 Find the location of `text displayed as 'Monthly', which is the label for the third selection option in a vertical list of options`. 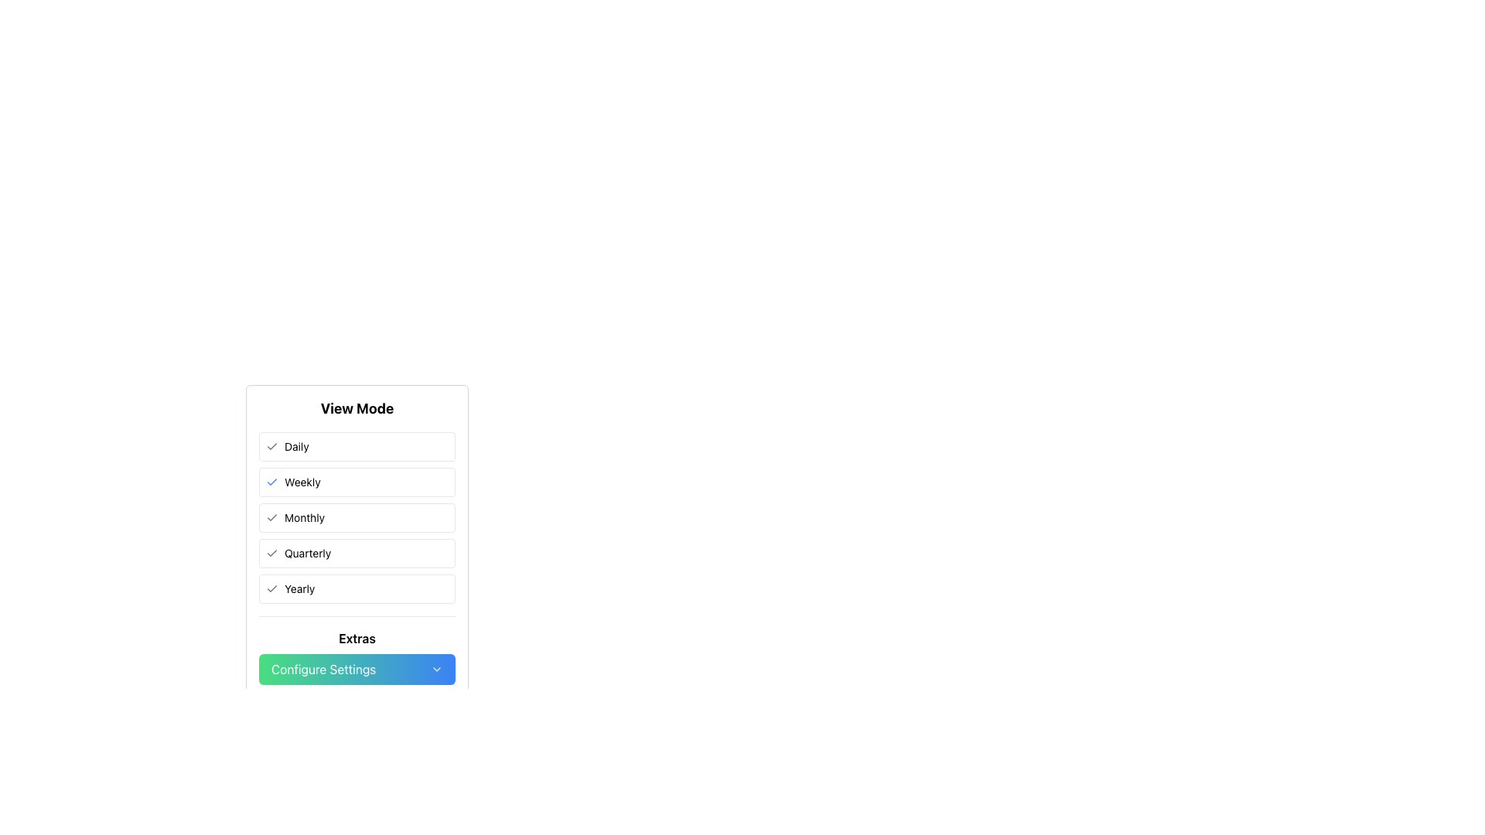

text displayed as 'Monthly', which is the label for the third selection option in a vertical list of options is located at coordinates (304, 518).